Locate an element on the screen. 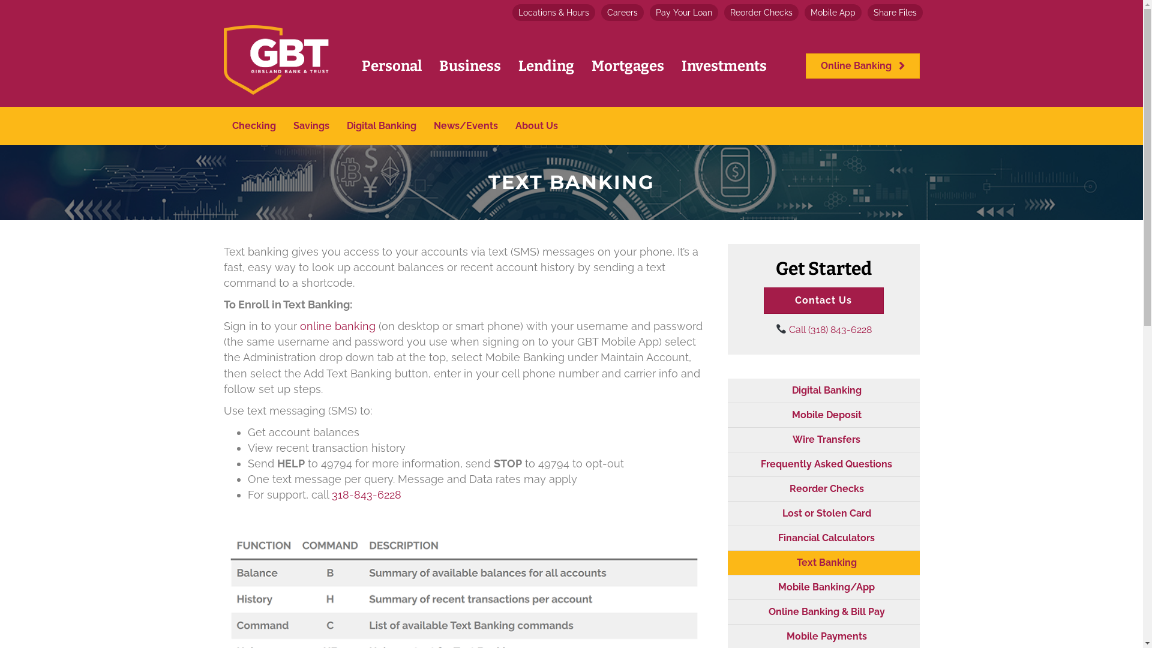 The width and height of the screenshot is (1152, 648). 'Savings' is located at coordinates (311, 125).